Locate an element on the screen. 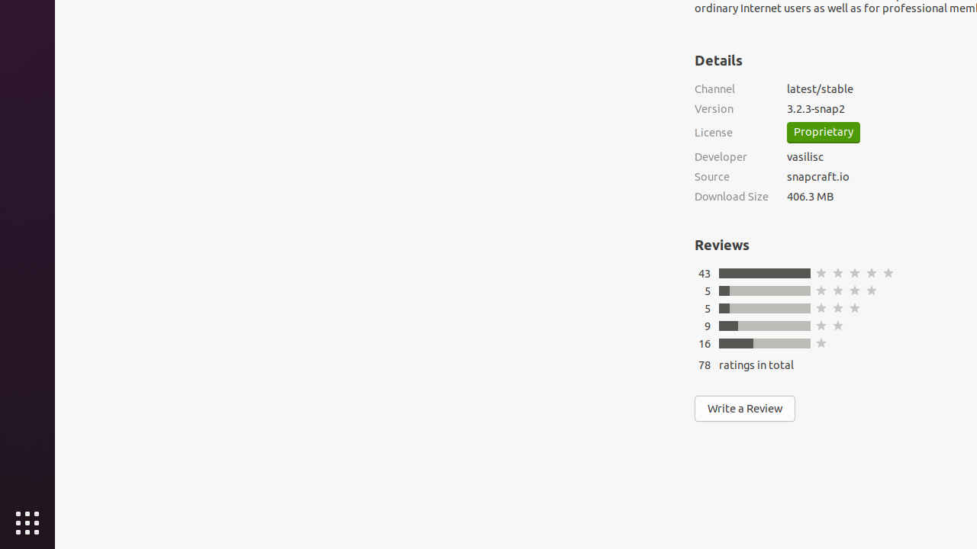 The height and width of the screenshot is (549, 977). 'Reviews' is located at coordinates (721, 243).